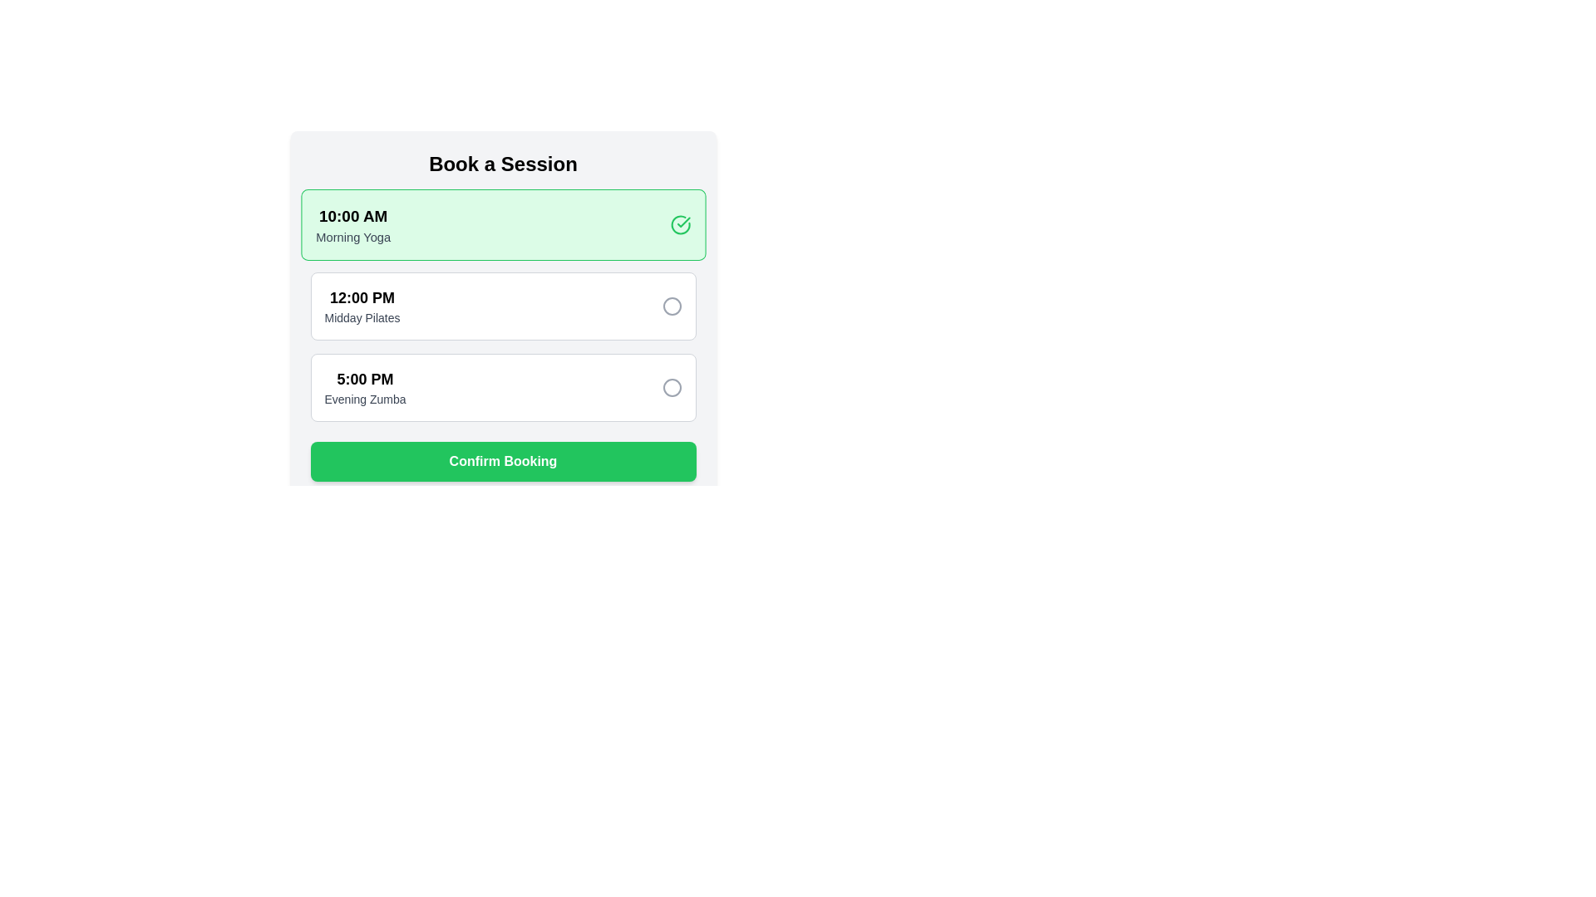 Image resolution: width=1596 pixels, height=897 pixels. Describe the element at coordinates (362, 297) in the screenshot. I see `time displayed in the bold text label showing '12:00 PM' located above 'Midday Pilates' in the 'Book a Session' interface` at that location.